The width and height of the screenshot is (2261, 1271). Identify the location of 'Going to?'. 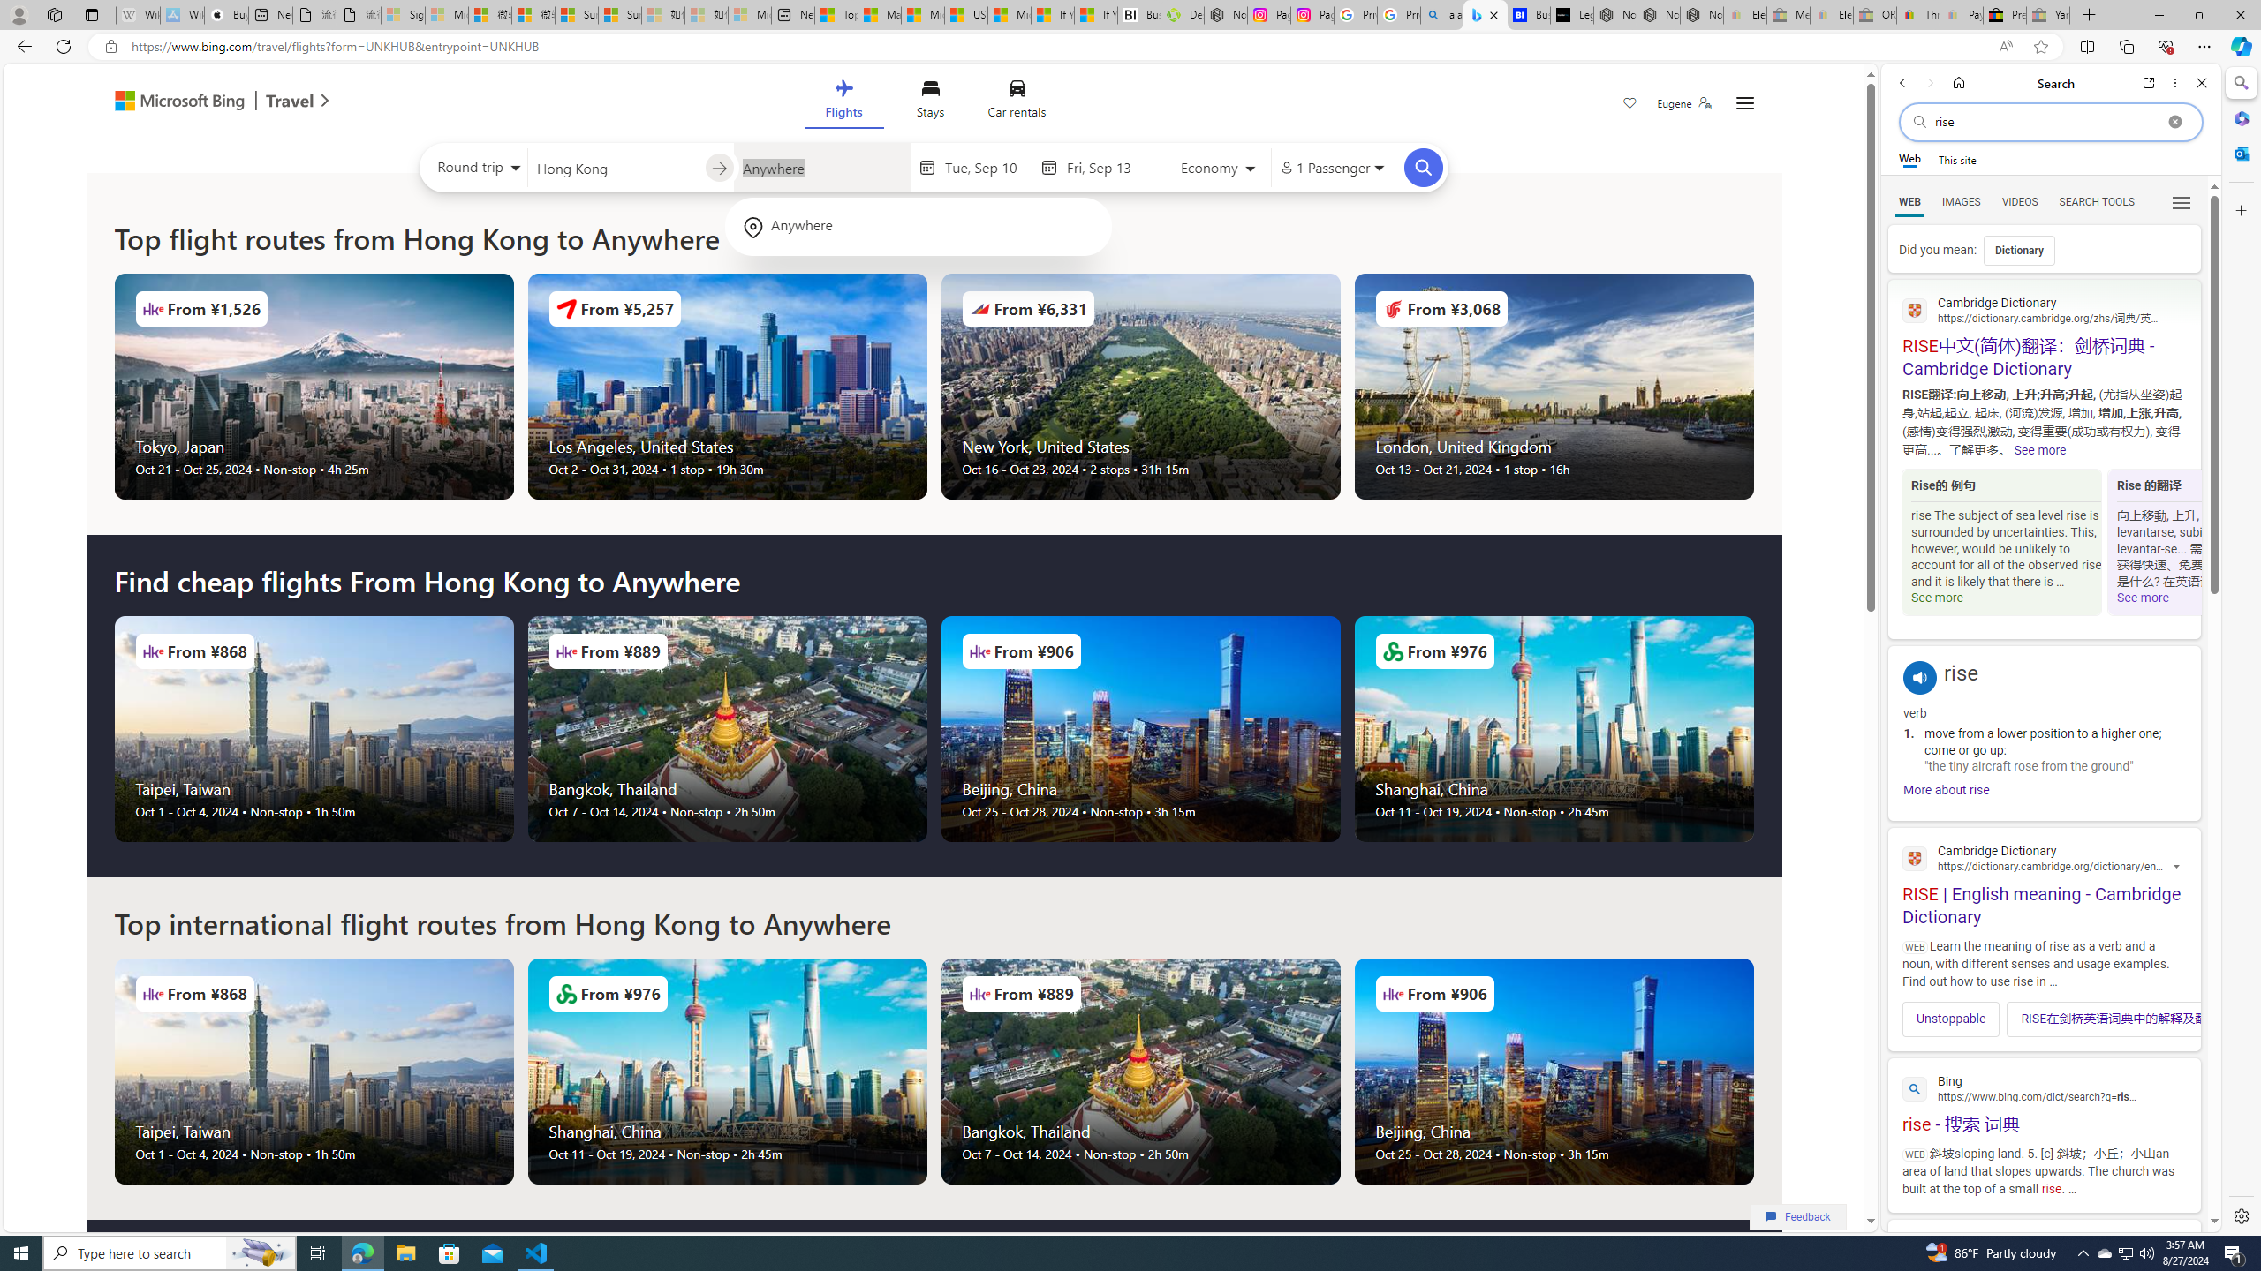
(820, 166).